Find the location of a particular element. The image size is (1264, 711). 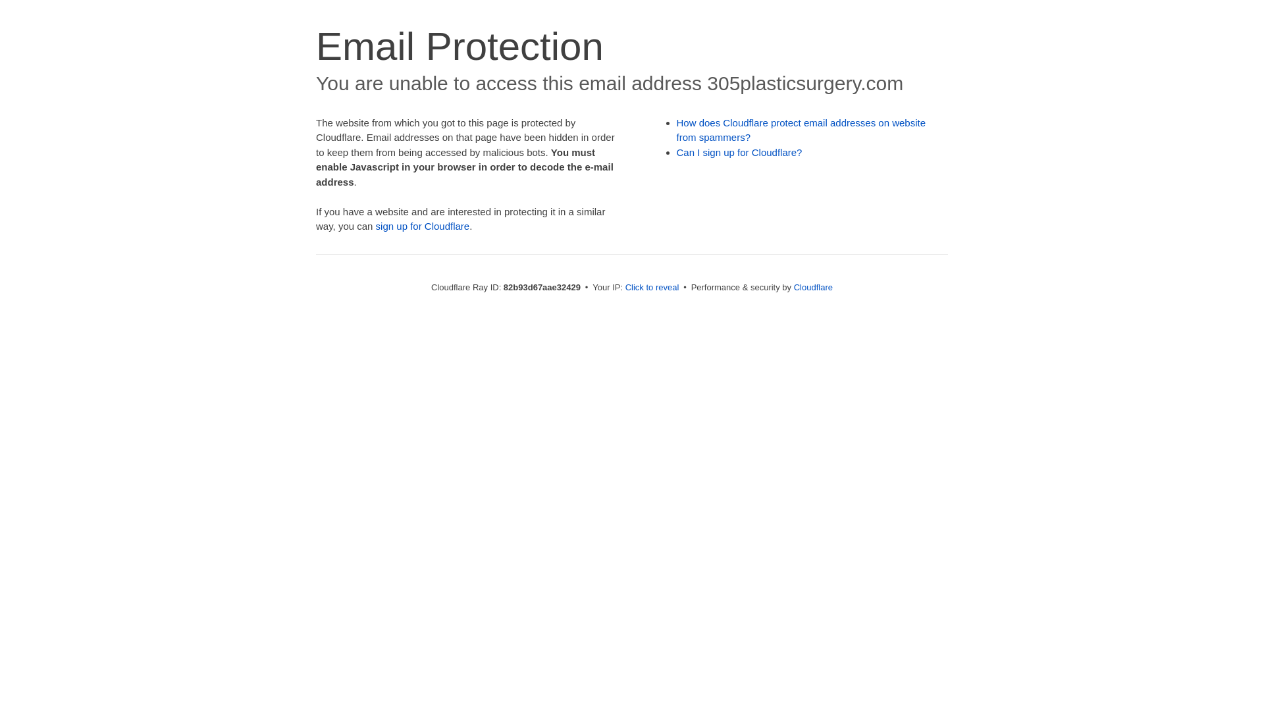

'sign up for Cloudflare' is located at coordinates (423, 225).